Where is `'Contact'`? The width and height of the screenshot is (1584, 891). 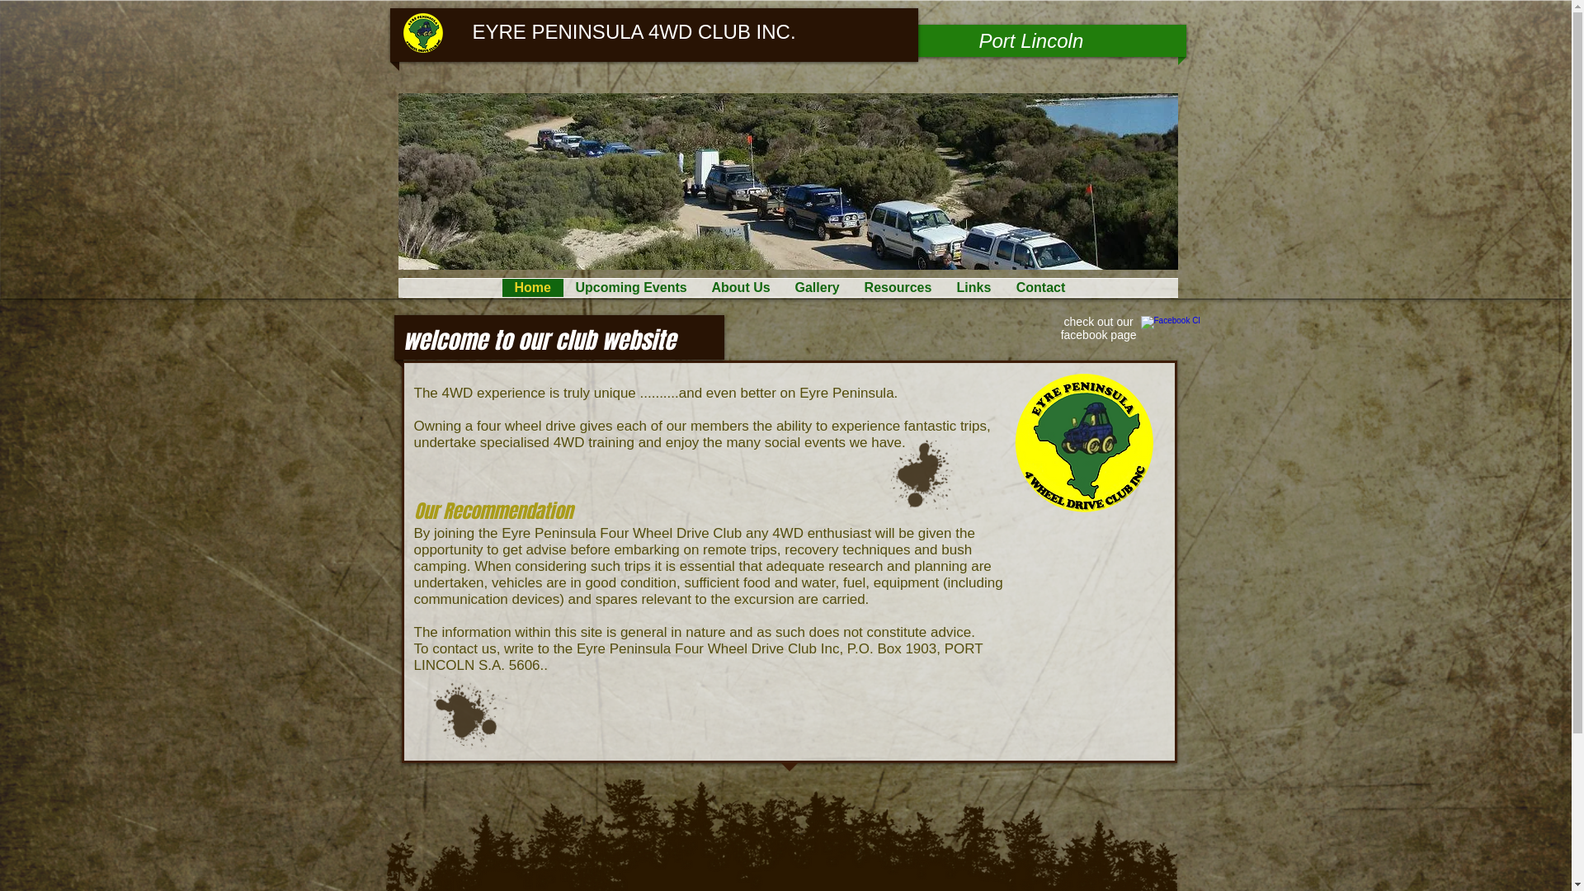
'Contact' is located at coordinates (1039, 286).